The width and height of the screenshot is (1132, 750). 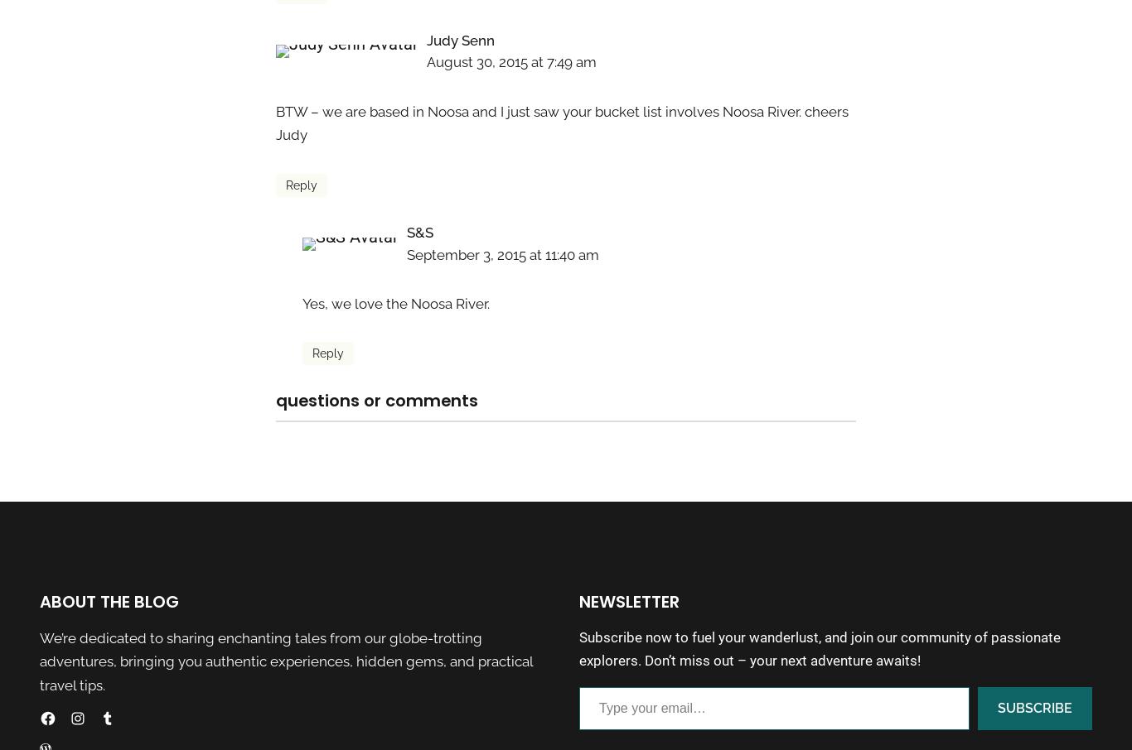 I want to click on 'S&S', so click(x=418, y=232).